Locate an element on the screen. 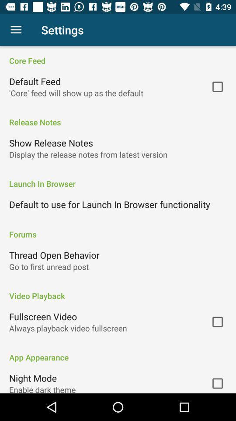 The width and height of the screenshot is (236, 421). default to use is located at coordinates (110, 204).